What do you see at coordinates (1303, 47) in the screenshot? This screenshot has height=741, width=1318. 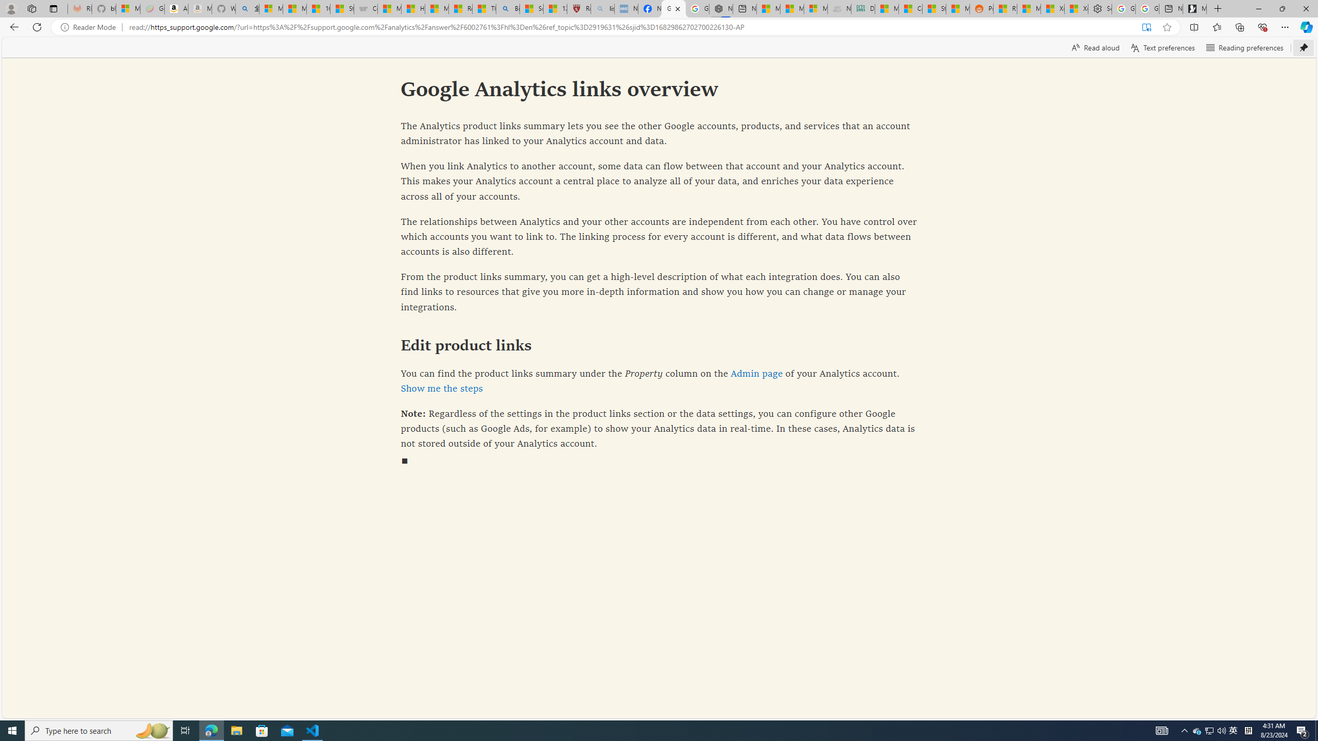 I see `'Unpin toolbar'` at bounding box center [1303, 47].